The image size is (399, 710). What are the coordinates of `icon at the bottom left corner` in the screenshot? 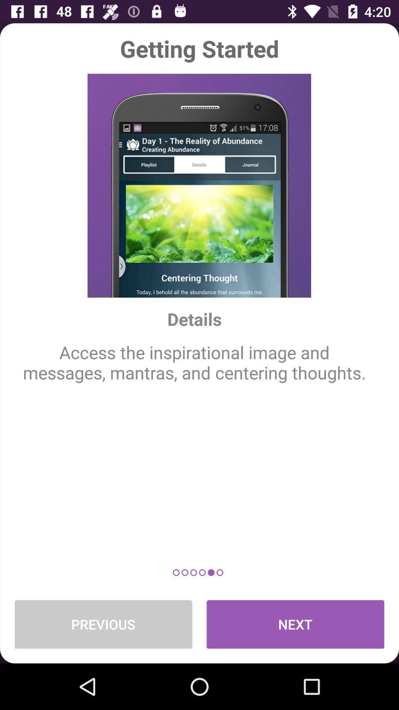 It's located at (103, 624).